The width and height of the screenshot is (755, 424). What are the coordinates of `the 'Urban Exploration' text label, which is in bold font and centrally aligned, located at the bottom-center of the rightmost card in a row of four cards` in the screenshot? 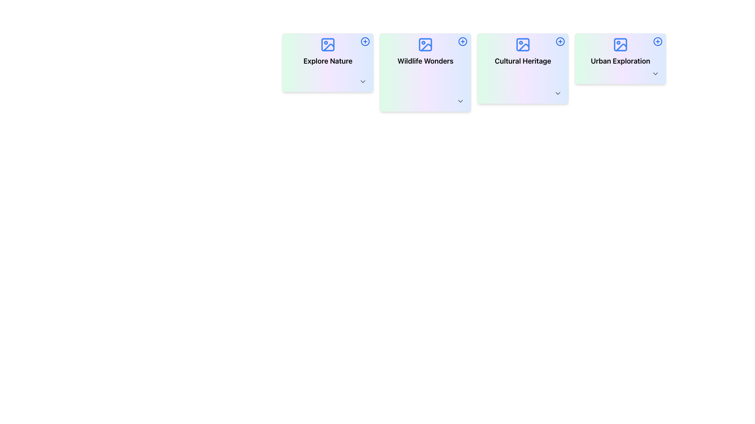 It's located at (620, 60).